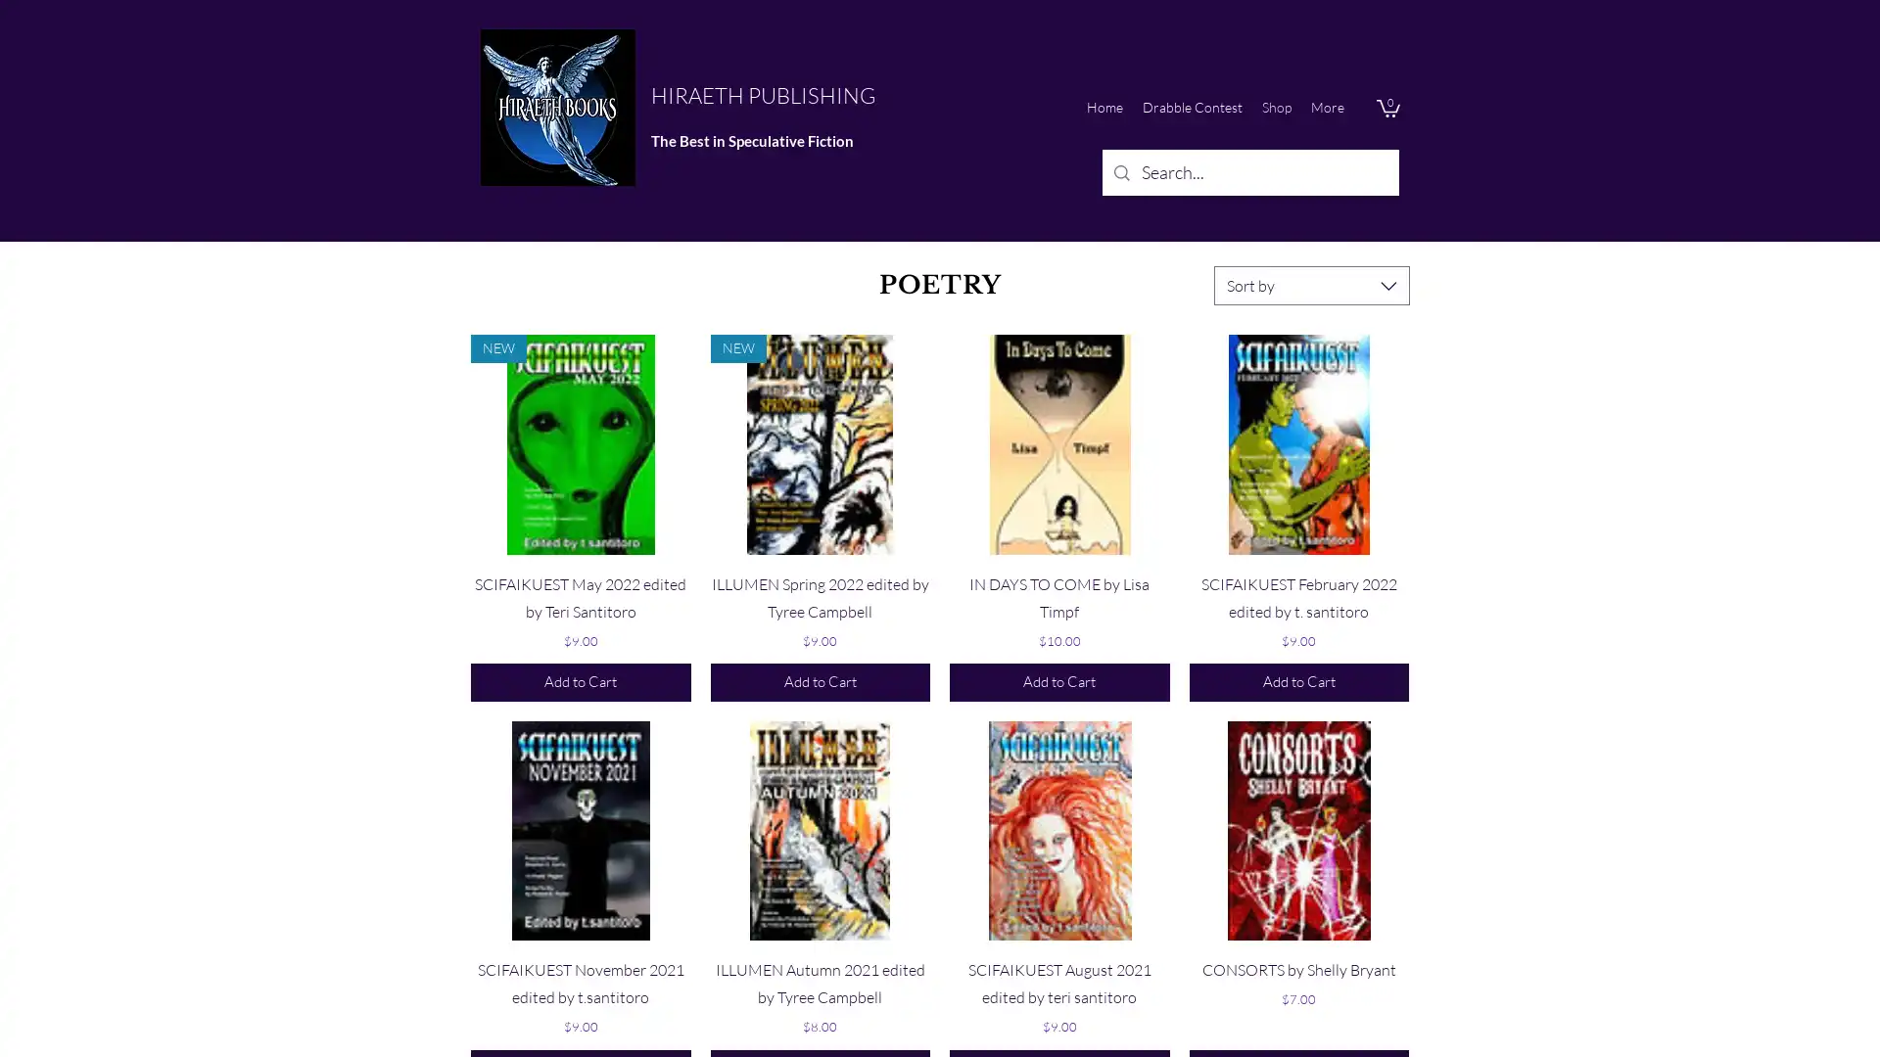  What do you see at coordinates (820, 681) in the screenshot?
I see `Add to Cart` at bounding box center [820, 681].